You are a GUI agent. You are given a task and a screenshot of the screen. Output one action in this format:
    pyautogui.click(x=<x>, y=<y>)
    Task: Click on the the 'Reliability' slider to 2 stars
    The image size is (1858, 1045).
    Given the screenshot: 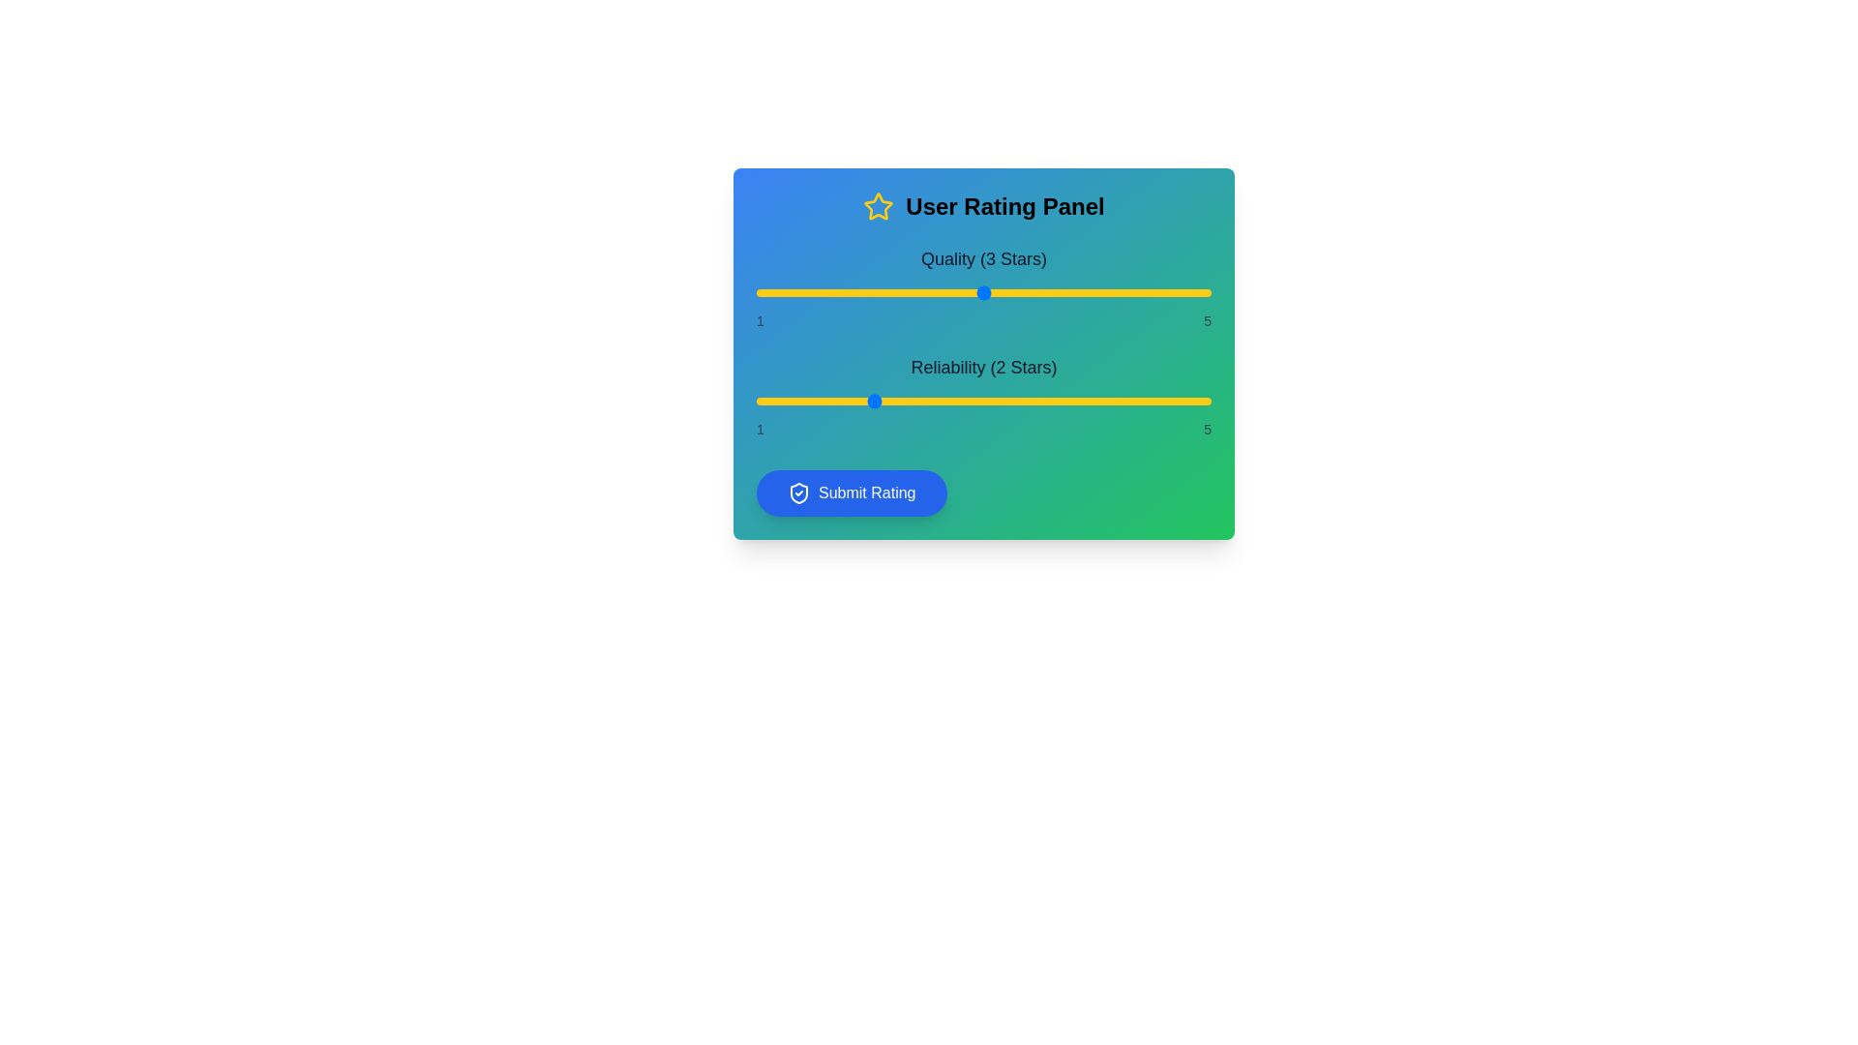 What is the action you would take?
    pyautogui.click(x=869, y=401)
    